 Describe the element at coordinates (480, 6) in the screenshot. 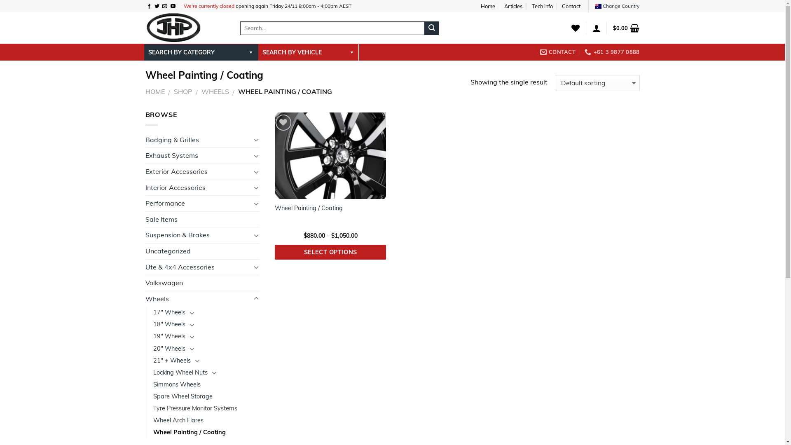

I see `'Home'` at that location.